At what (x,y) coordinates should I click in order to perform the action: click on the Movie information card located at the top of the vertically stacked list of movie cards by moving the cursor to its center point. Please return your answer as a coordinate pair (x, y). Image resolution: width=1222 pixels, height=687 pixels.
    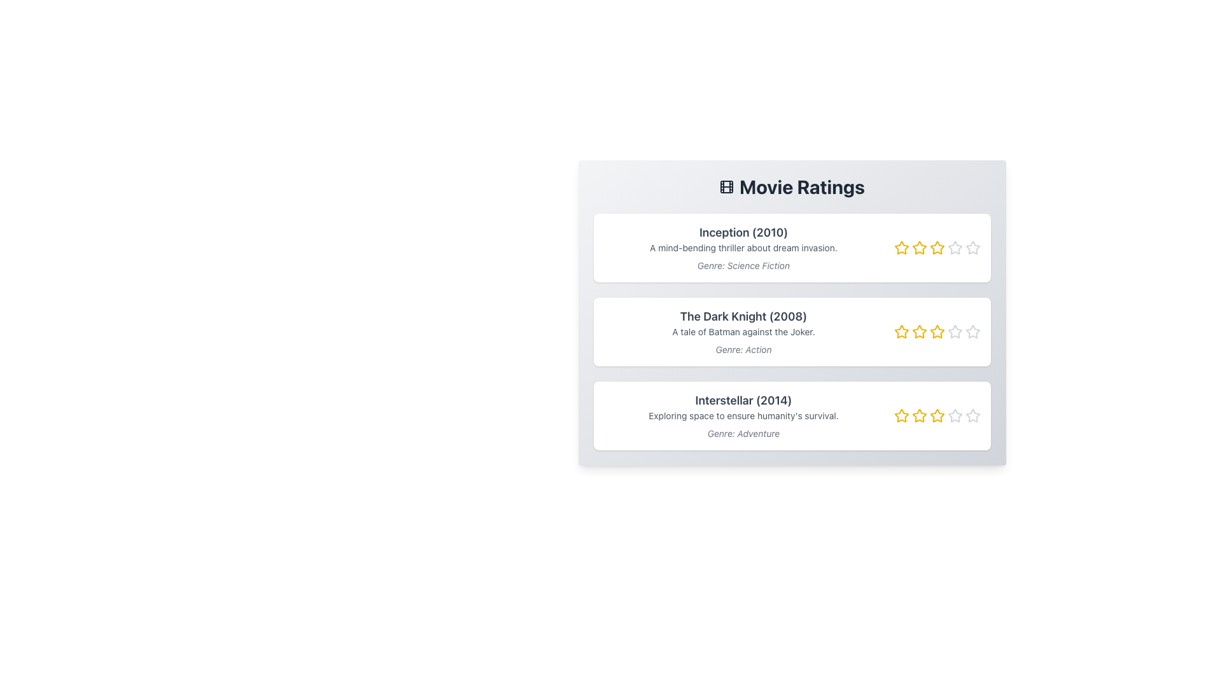
    Looking at the image, I should click on (791, 247).